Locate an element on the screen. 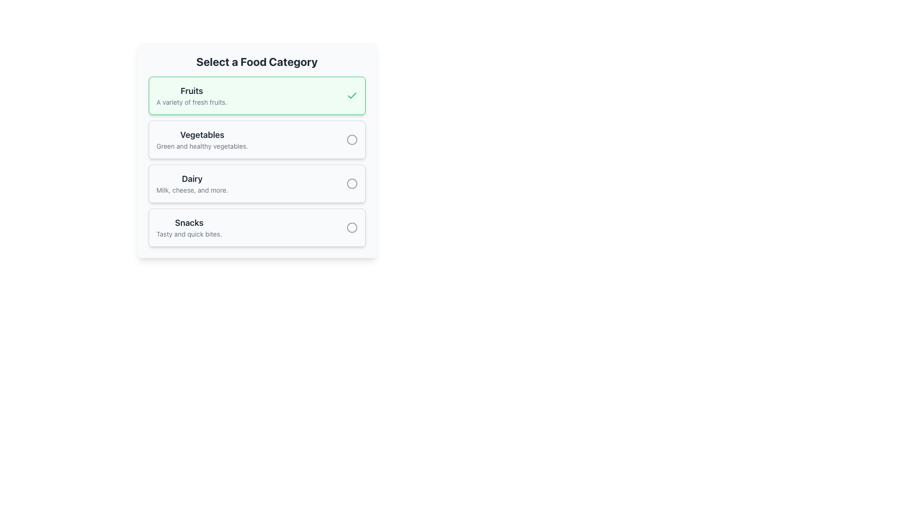  the unselected radio button for the 'Vegetables' category is located at coordinates (351, 140).